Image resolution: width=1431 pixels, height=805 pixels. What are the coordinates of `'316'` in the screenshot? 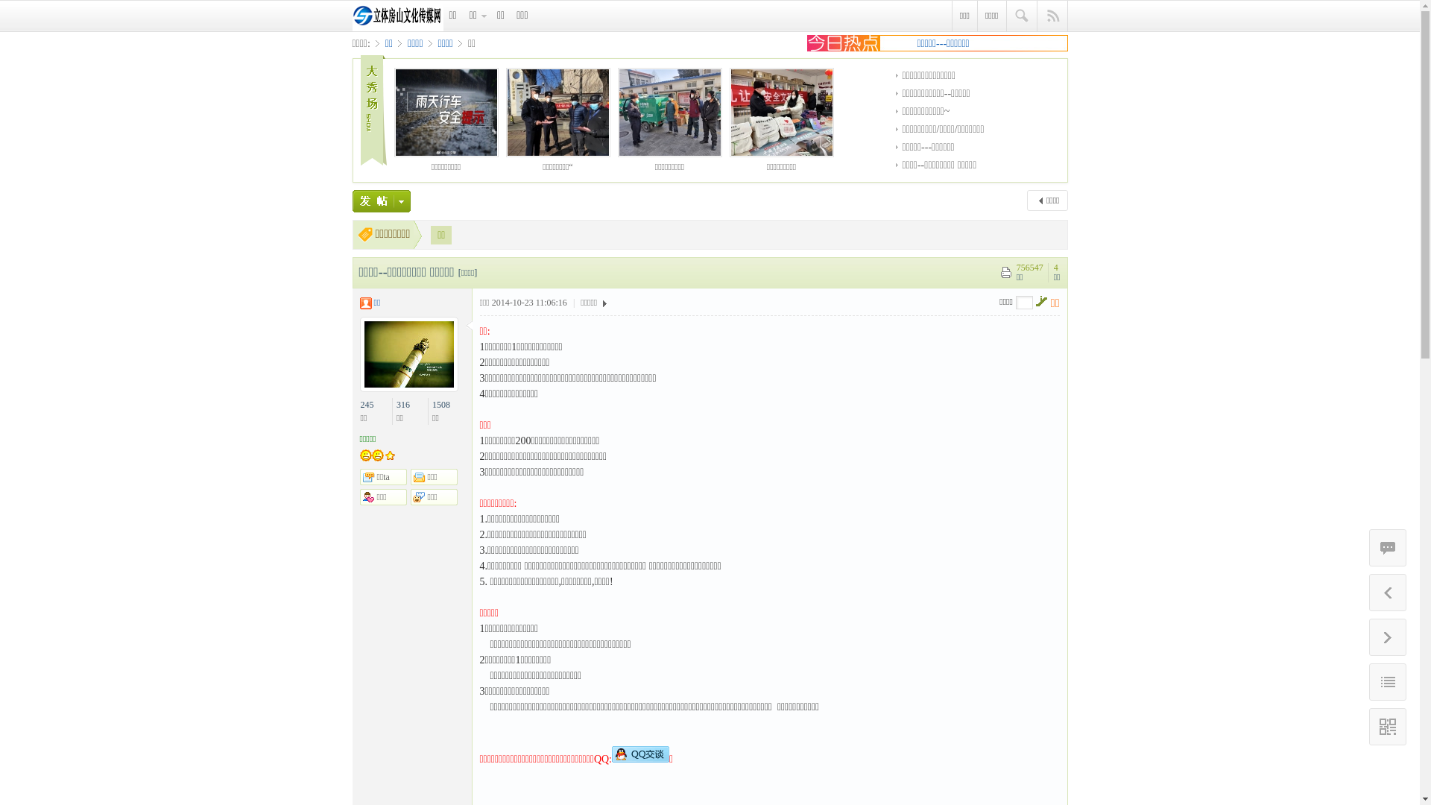 It's located at (403, 405).